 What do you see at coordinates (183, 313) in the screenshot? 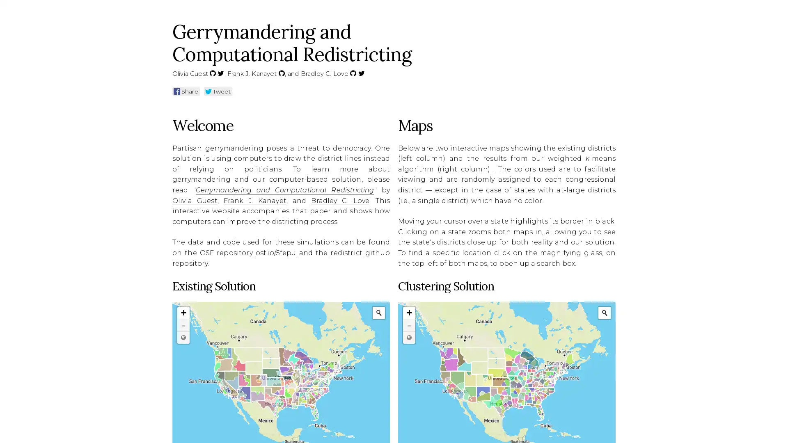
I see `Zoom in` at bounding box center [183, 313].